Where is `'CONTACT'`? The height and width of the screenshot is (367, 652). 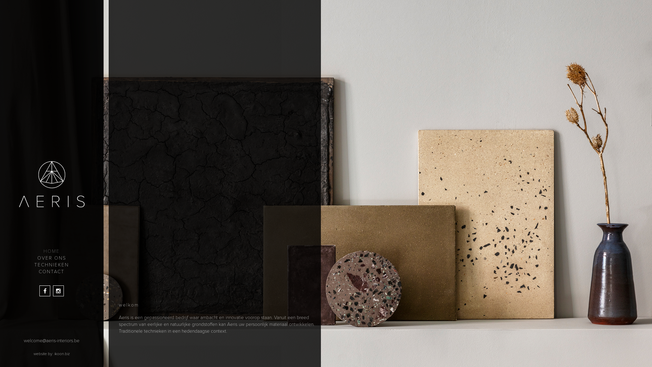
'CONTACT' is located at coordinates (51, 271).